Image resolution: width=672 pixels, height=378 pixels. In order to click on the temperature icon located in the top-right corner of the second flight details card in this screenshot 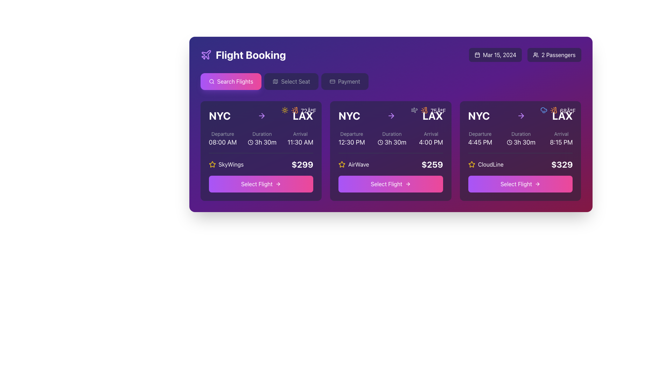, I will do `click(426, 110)`.